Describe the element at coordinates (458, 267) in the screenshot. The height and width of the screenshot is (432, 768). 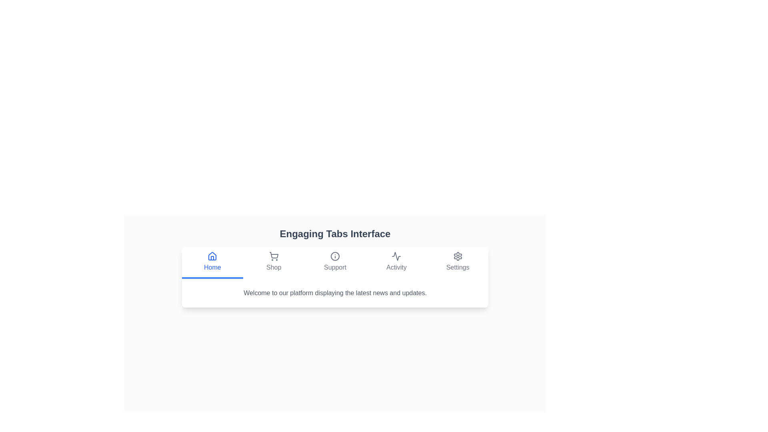
I see `the 'Settings' label in the navigation bar, which indicates the area related to application settings or preferences` at that location.